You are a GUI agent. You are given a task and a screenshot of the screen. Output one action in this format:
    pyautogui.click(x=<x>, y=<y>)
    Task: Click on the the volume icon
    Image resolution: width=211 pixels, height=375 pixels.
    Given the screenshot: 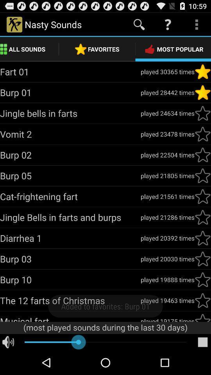 What is the action you would take?
    pyautogui.click(x=8, y=366)
    